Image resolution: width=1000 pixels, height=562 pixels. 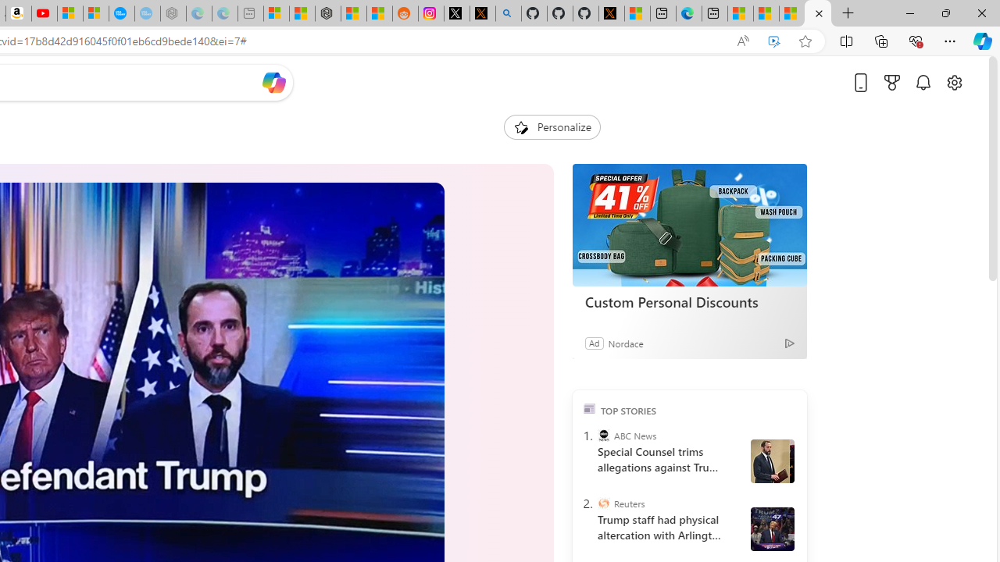 I want to click on 'Browser essentials', so click(x=915, y=40).